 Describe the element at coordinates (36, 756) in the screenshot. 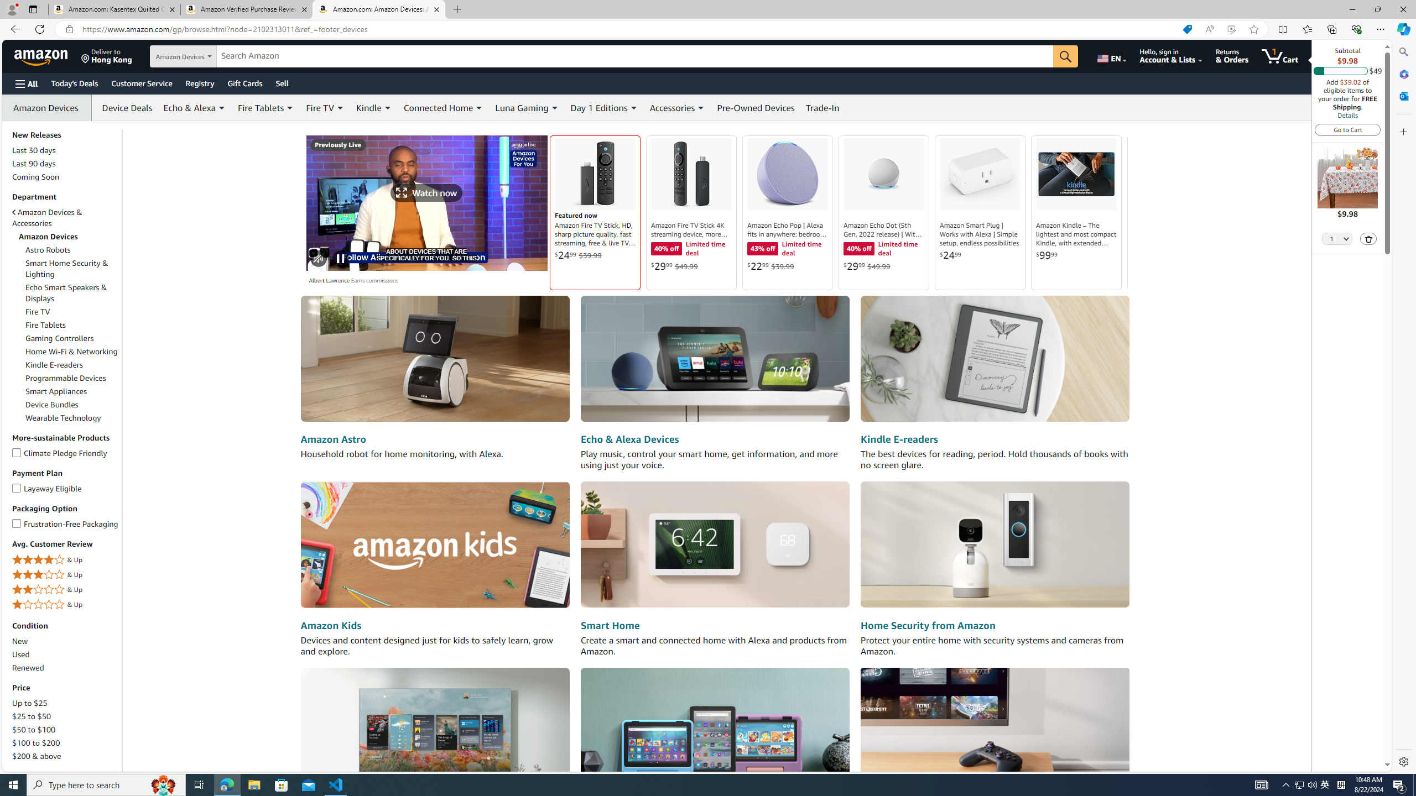

I see `'$200 & above'` at that location.